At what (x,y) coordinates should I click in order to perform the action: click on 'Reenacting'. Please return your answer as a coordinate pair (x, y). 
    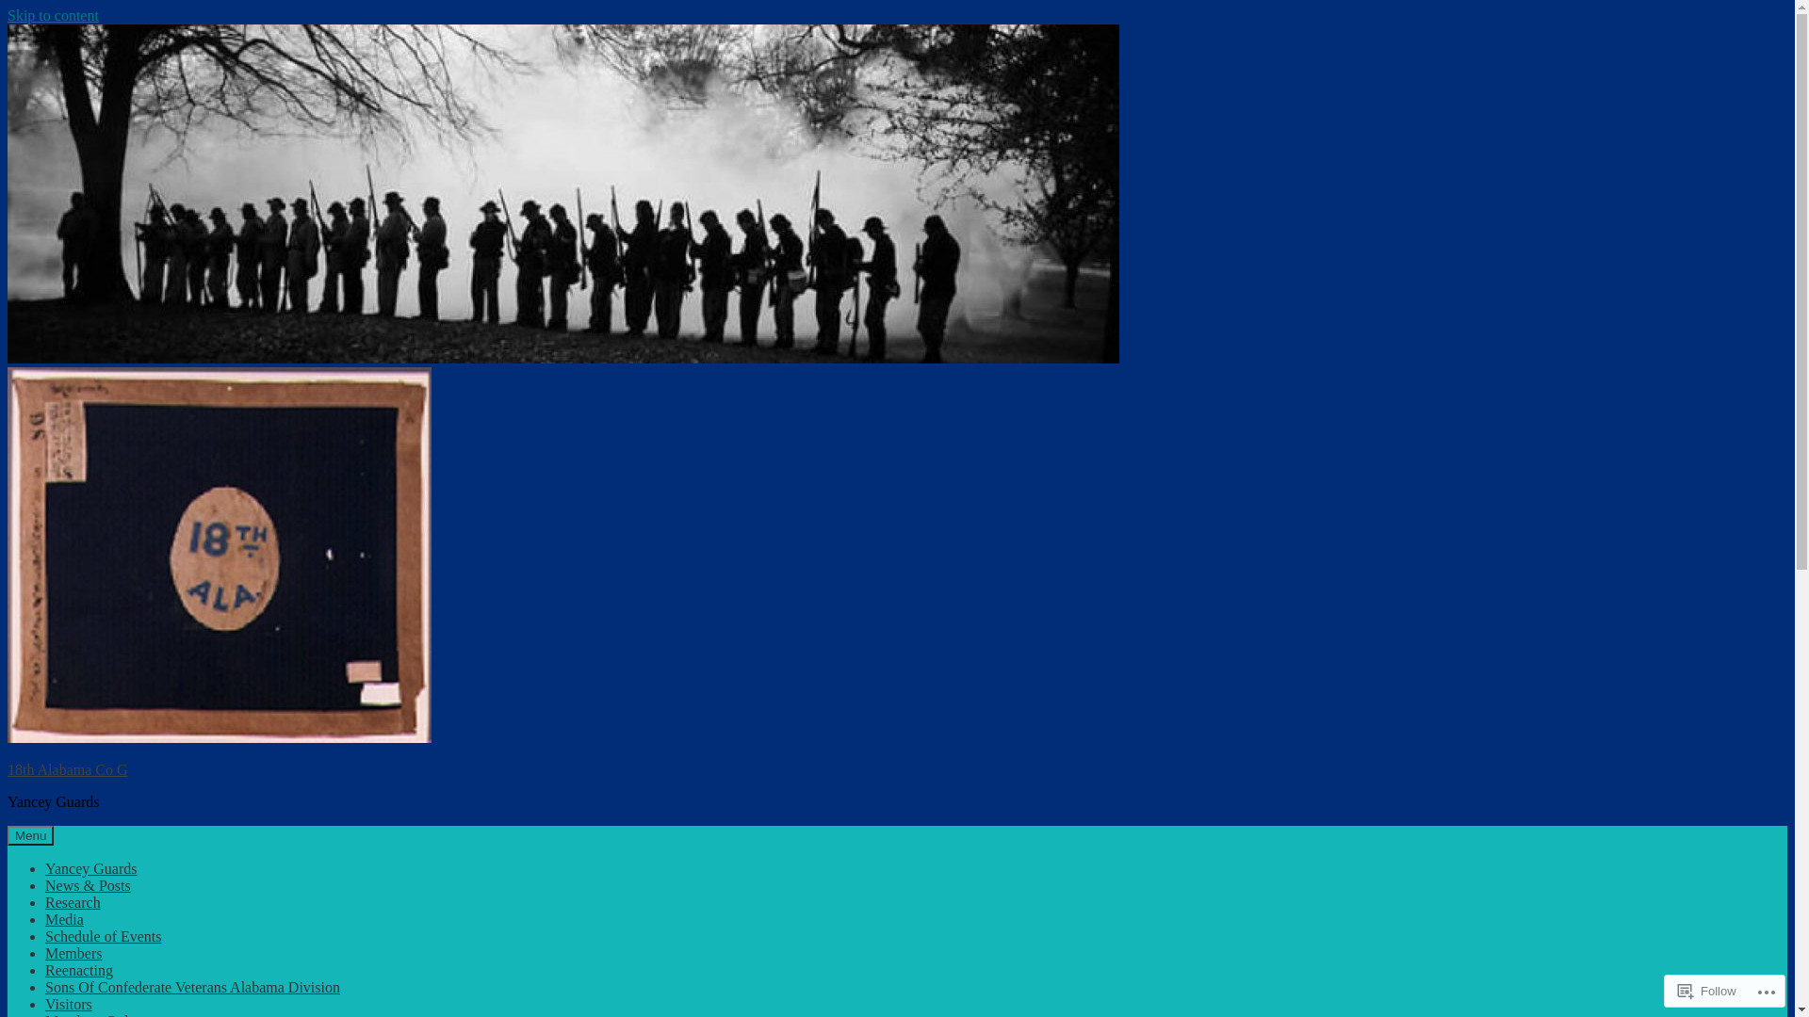
    Looking at the image, I should click on (45, 970).